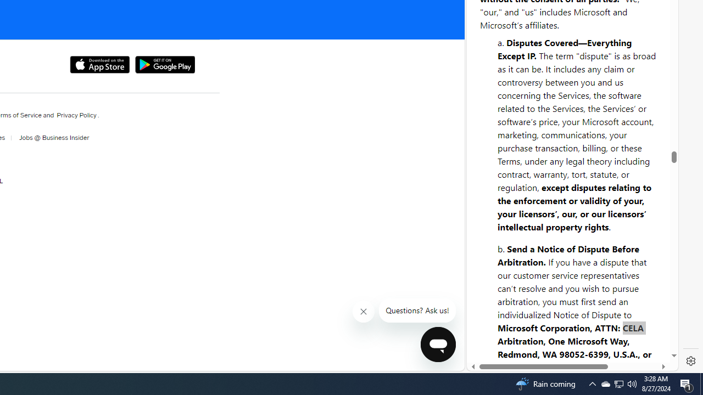 This screenshot has width=703, height=395. What do you see at coordinates (99, 65) in the screenshot?
I see `'Download on the App Store'` at bounding box center [99, 65].